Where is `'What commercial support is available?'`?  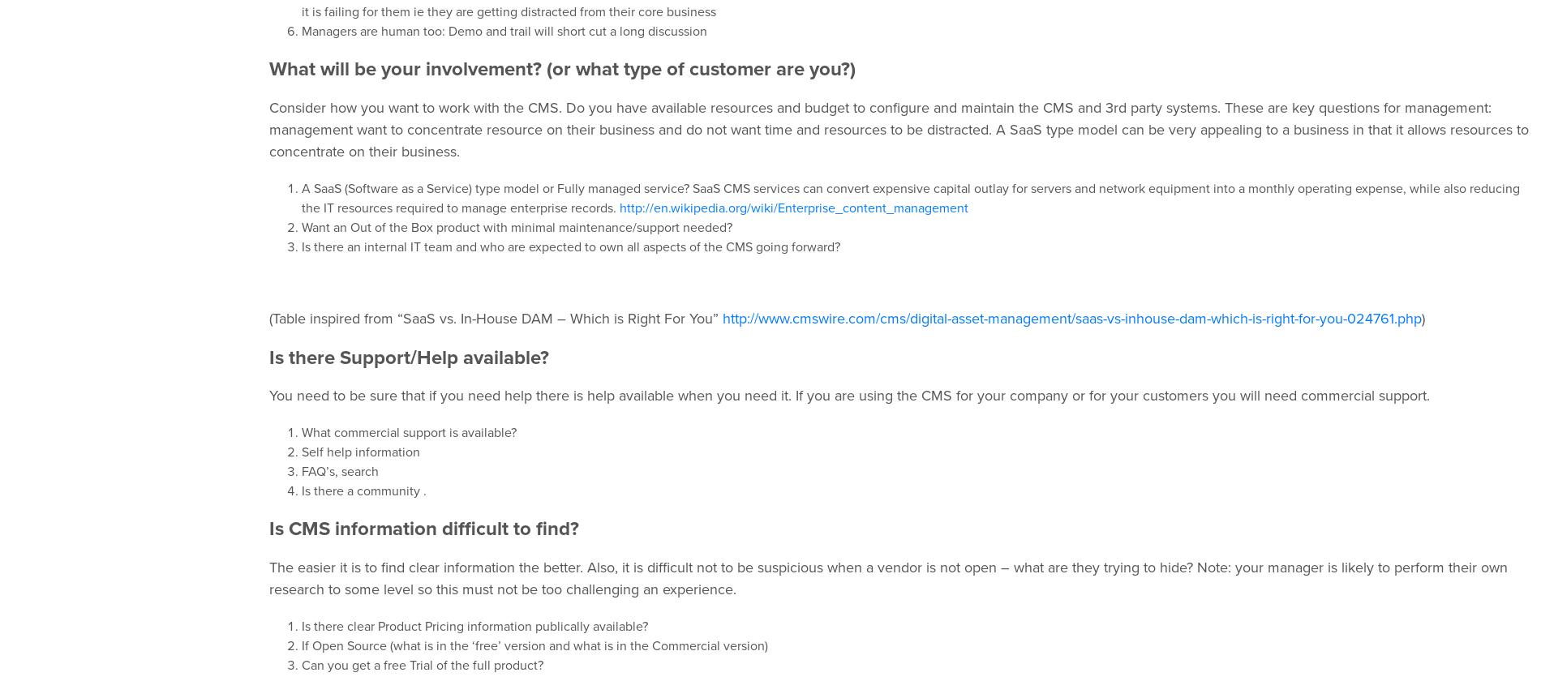 'What commercial support is available?' is located at coordinates (408, 432).